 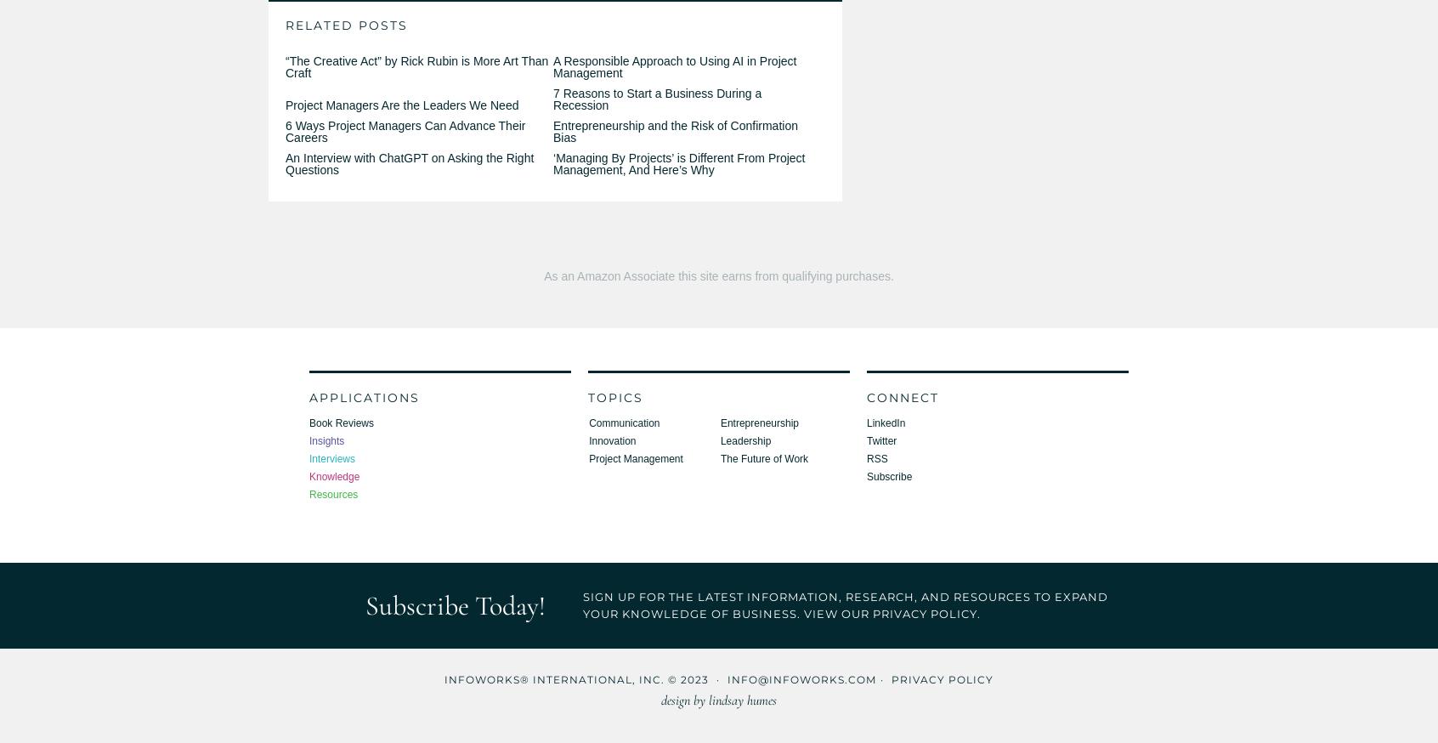 I want to click on 'Insights', so click(x=309, y=440).